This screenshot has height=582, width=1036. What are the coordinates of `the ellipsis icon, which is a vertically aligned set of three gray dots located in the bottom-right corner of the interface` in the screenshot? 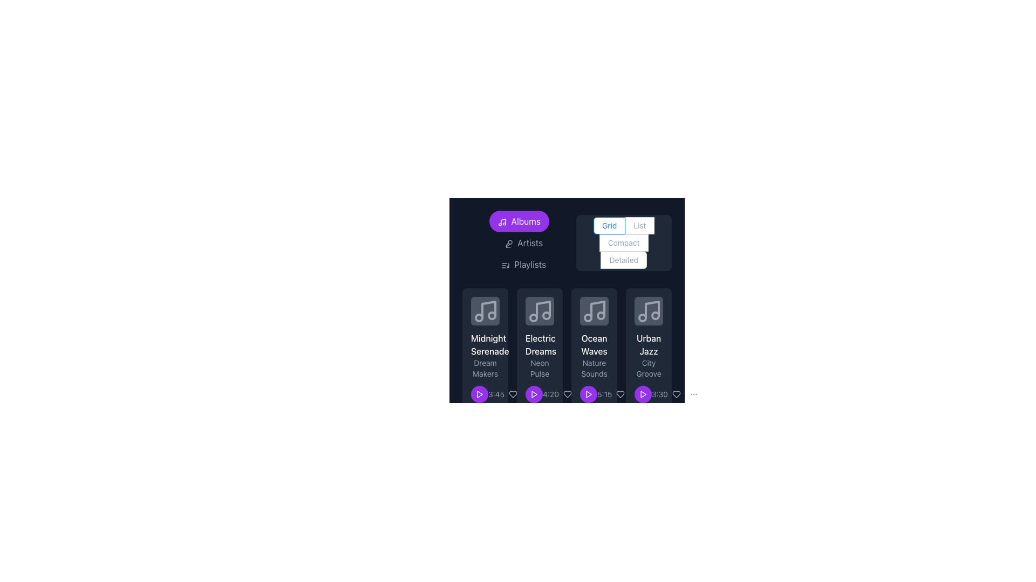 It's located at (530, 394).